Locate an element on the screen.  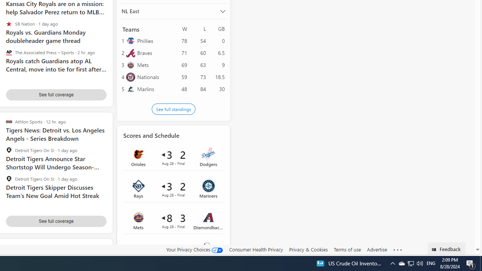
'Class: feedback_link_icon-DS-EntryPoint1-1' is located at coordinates (435, 250).